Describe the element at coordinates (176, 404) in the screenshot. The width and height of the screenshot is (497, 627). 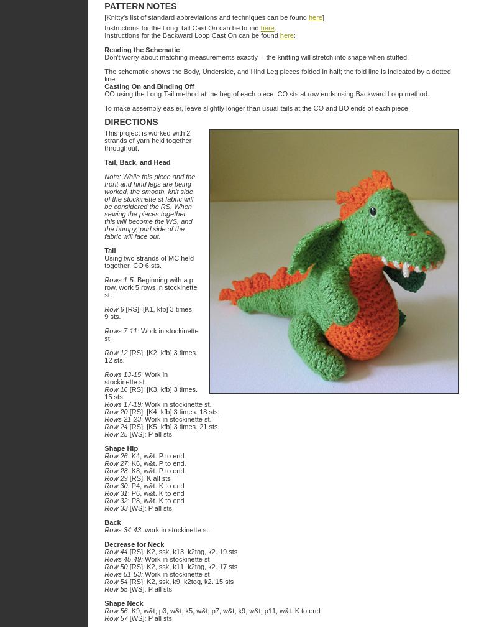
I see `'Work in stockinette st.'` at that location.